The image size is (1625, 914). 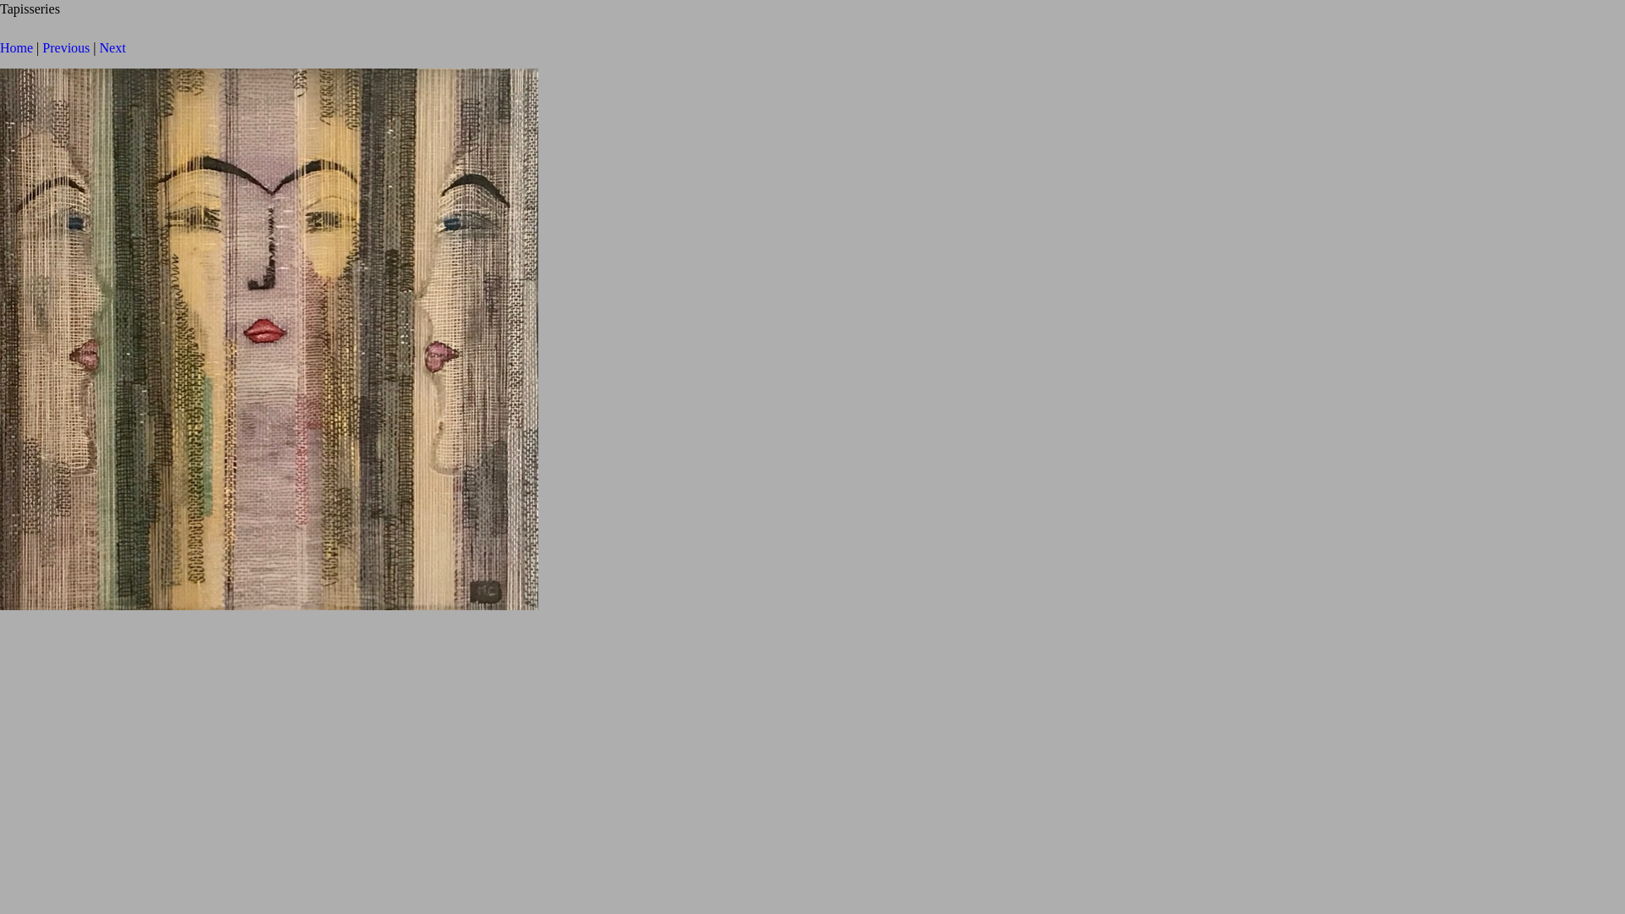 I want to click on 'Previous', so click(x=65, y=47).